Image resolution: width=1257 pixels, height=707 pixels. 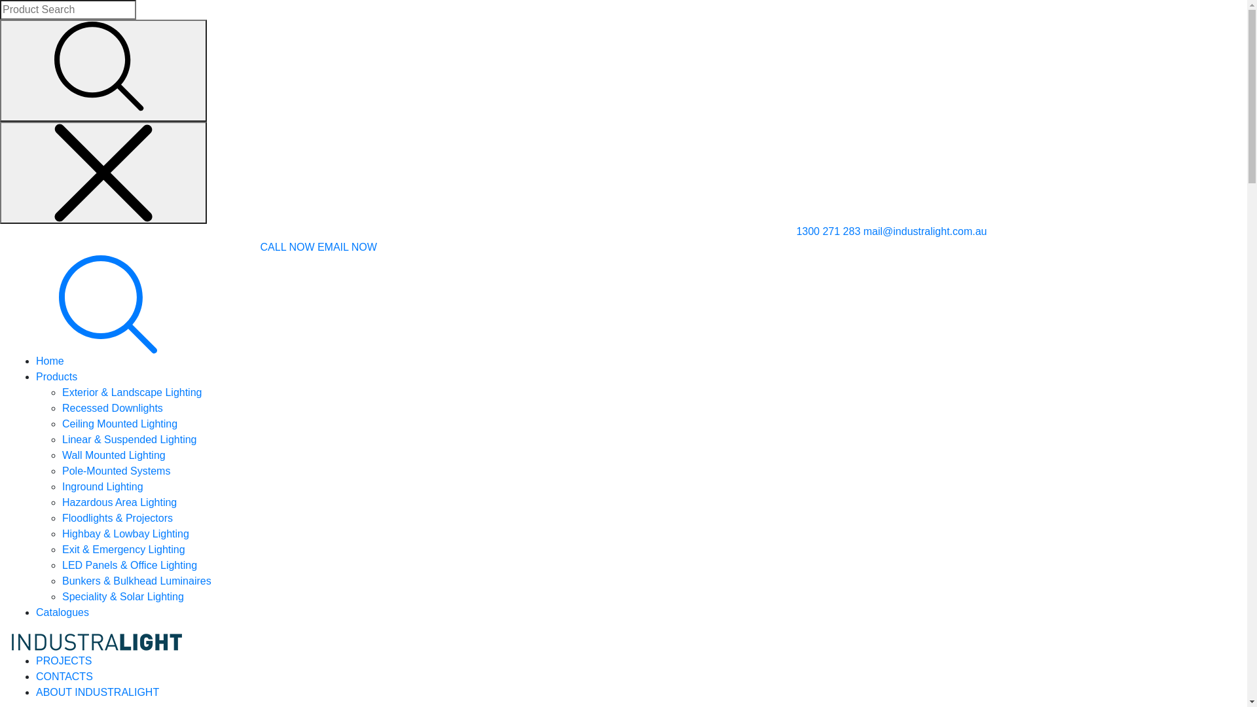 What do you see at coordinates (64, 676) in the screenshot?
I see `'CONTACTS'` at bounding box center [64, 676].